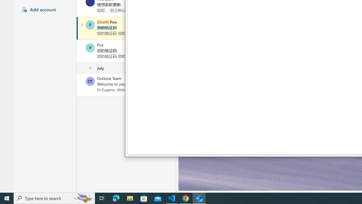 This screenshot has height=204, width=362. What do you see at coordinates (102, 198) in the screenshot?
I see `'Task View'` at bounding box center [102, 198].